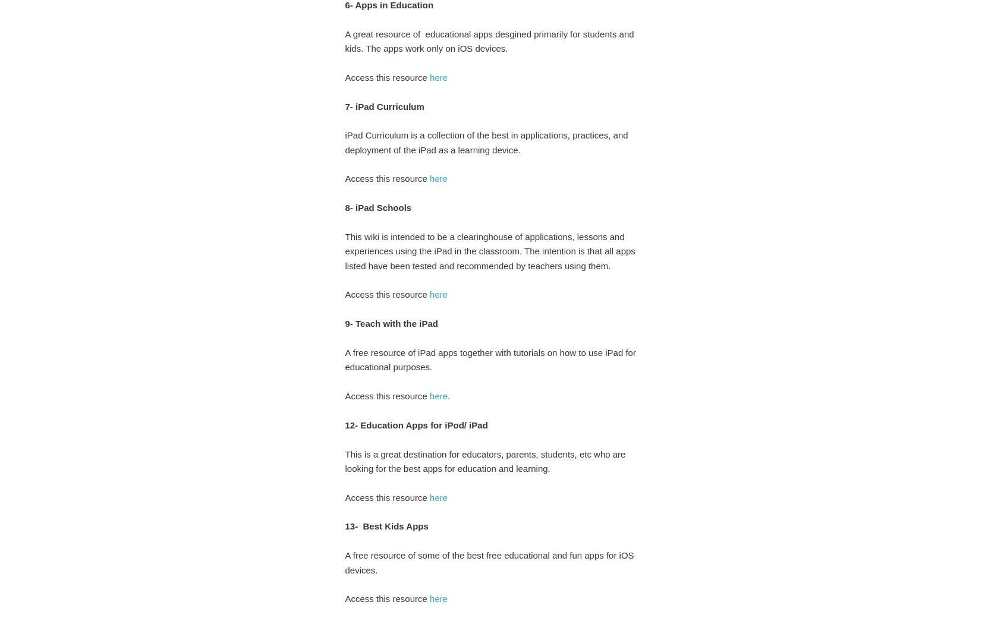 The width and height of the screenshot is (985, 621). Describe the element at coordinates (489, 250) in the screenshot. I see `'This wiki is intended to be a clearinghouse of applications, lessons and experiences using the iPad in the classroom. The intention is that all apps listed have been tested and recommended by teachers using them.'` at that location.